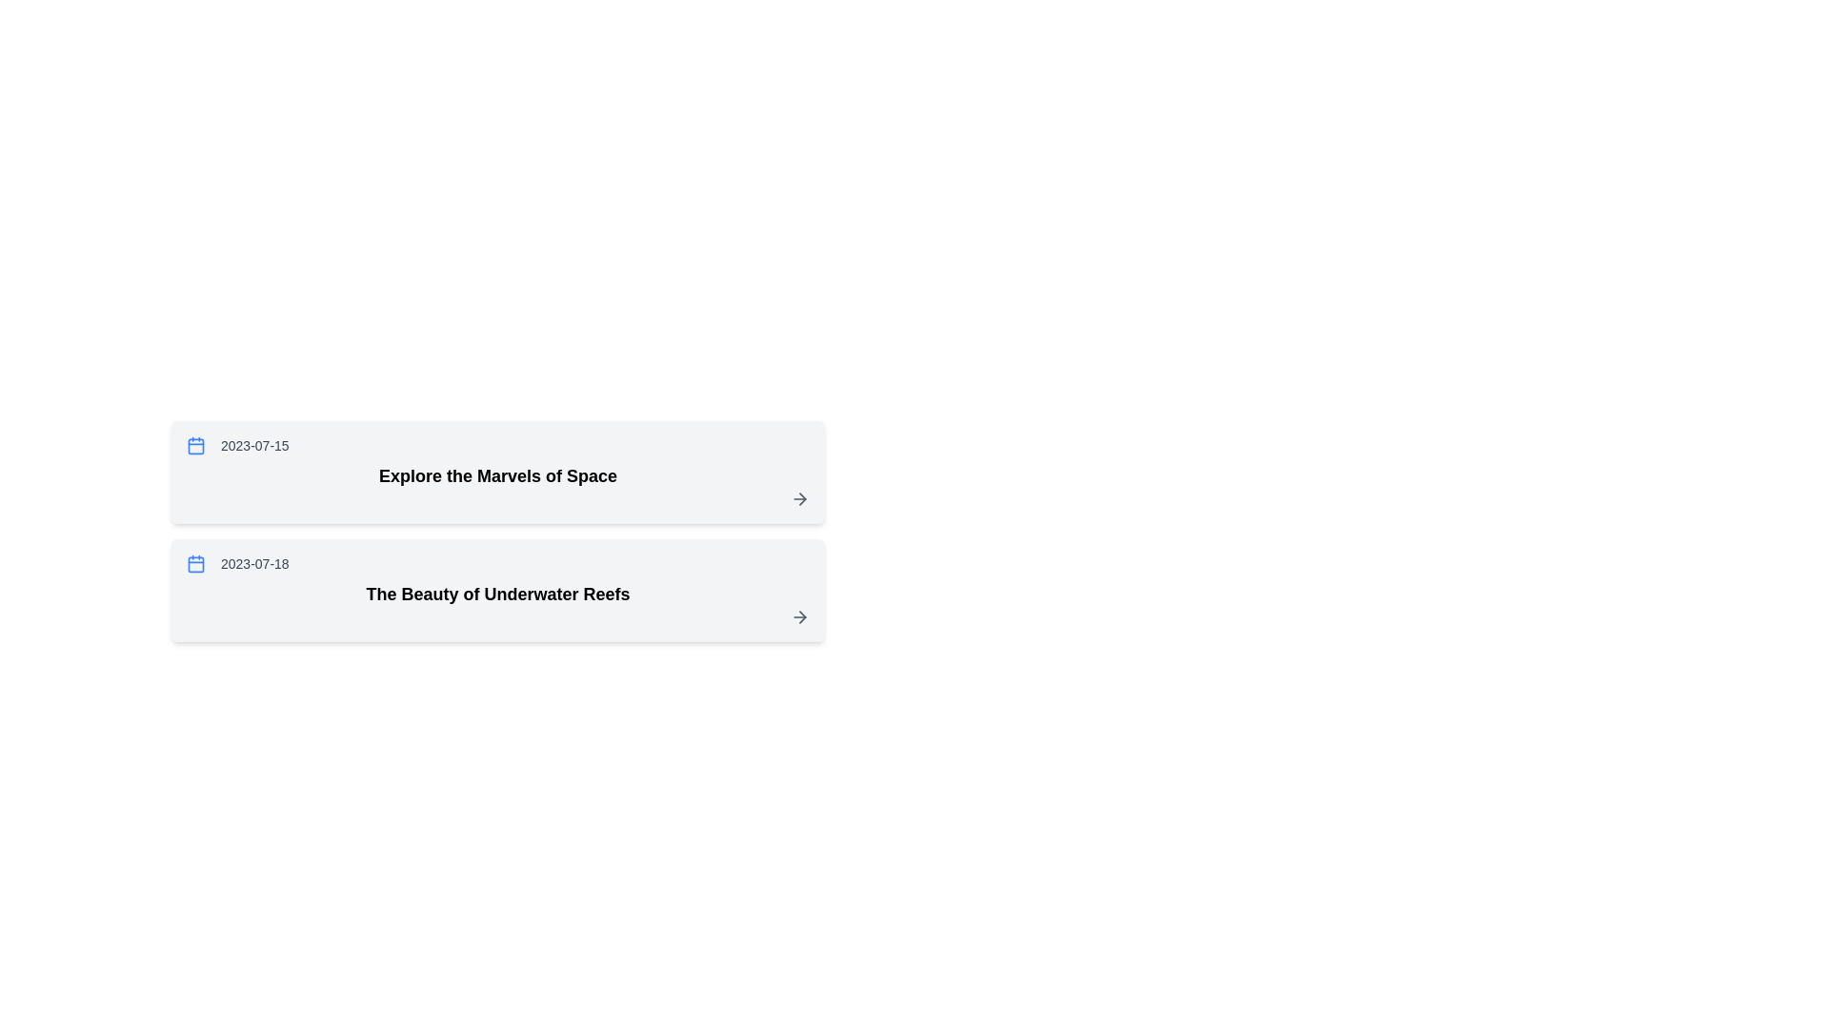 This screenshot has height=1029, width=1829. What do you see at coordinates (196, 562) in the screenshot?
I see `the decorative rounded rectangle shape inside the calendar icon for the date entry '2023-07-18'` at bounding box center [196, 562].